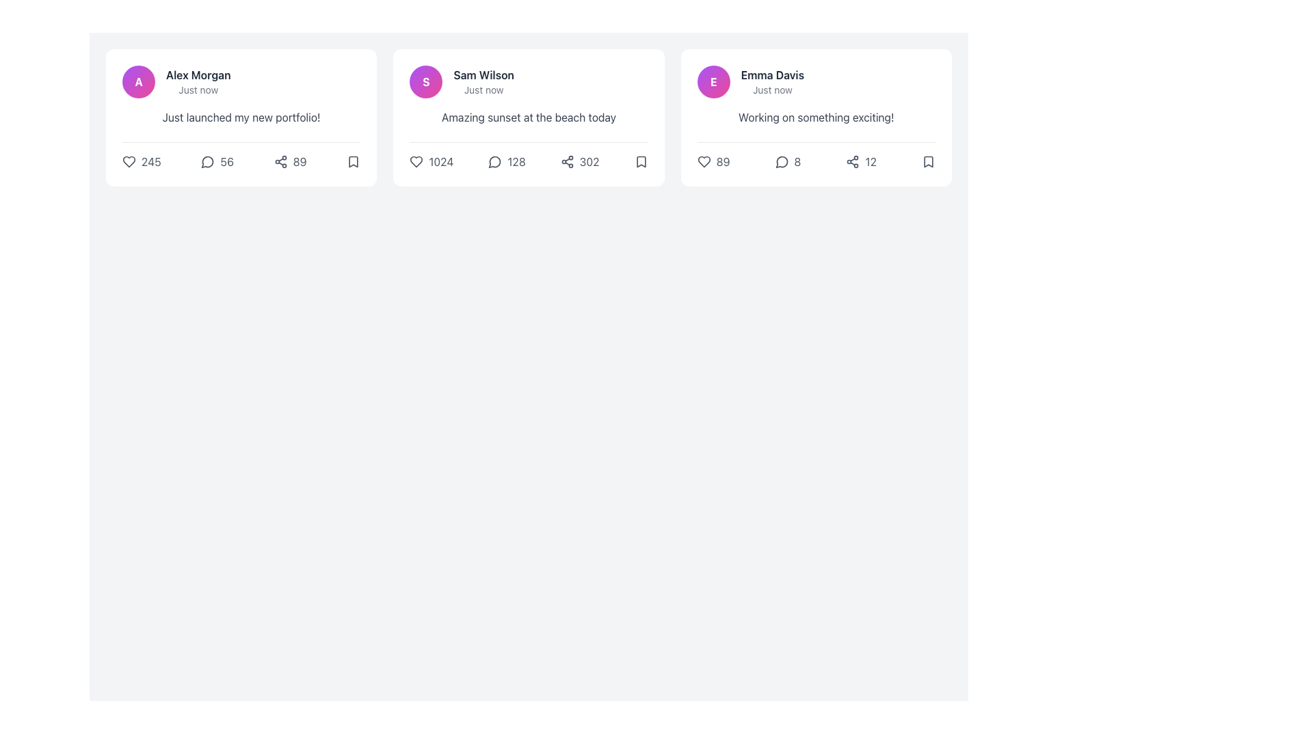  Describe the element at coordinates (241, 117) in the screenshot. I see `the static text element displaying the user's portfolio launch message, located in the first post card under the username and timestamp` at that location.